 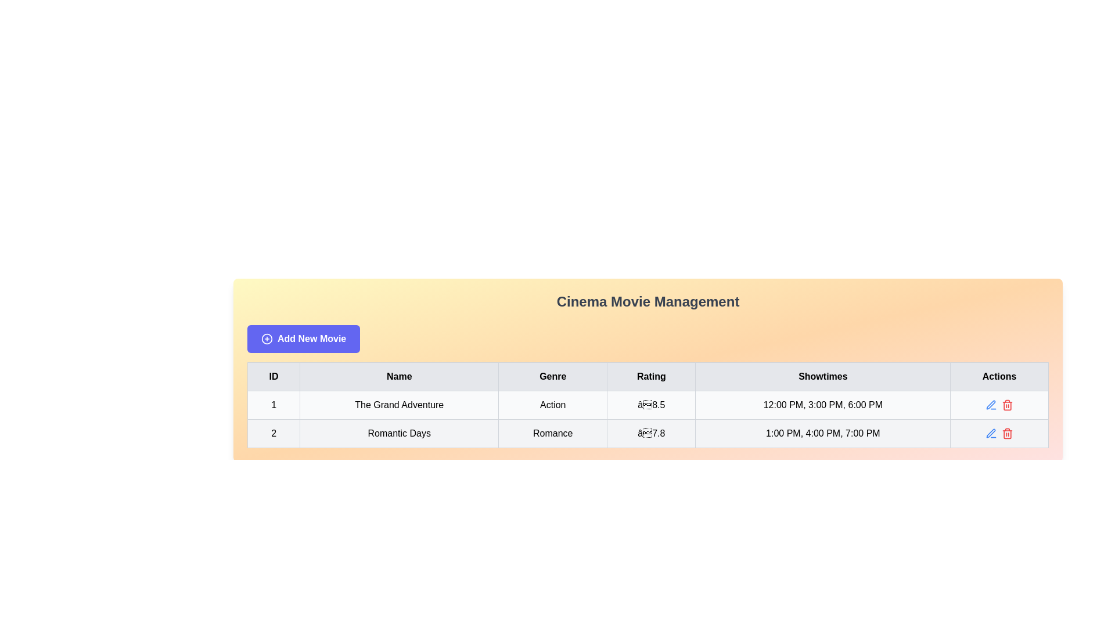 I want to click on the text label 'Romance' in the third cell of the second row under the 'Genre' column, which has a light gray background and is centered in the cell, so click(x=552, y=434).